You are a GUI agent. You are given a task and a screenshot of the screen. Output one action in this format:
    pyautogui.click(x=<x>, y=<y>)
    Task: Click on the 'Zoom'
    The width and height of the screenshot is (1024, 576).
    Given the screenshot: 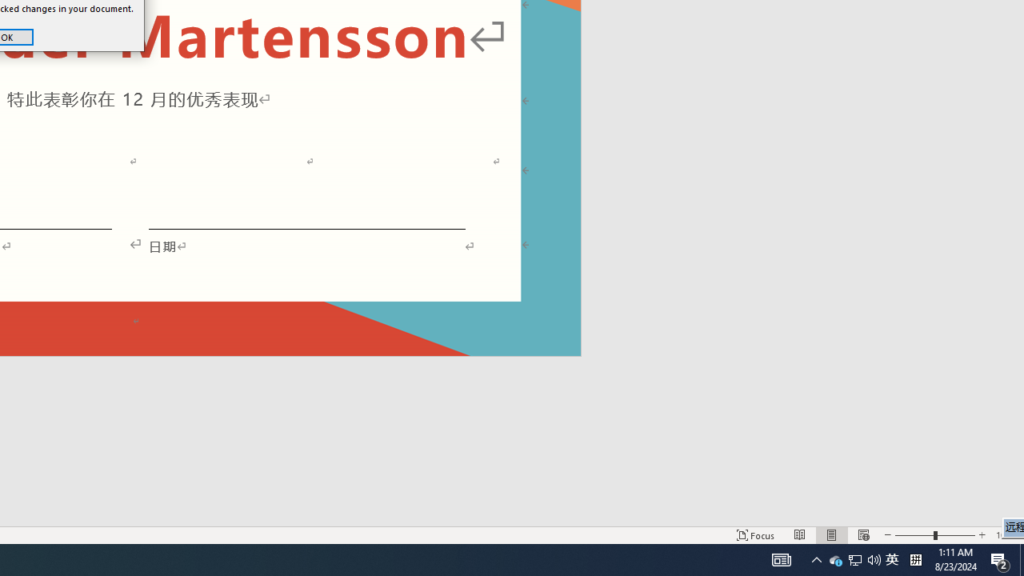 What is the action you would take?
    pyautogui.click(x=934, y=535)
    